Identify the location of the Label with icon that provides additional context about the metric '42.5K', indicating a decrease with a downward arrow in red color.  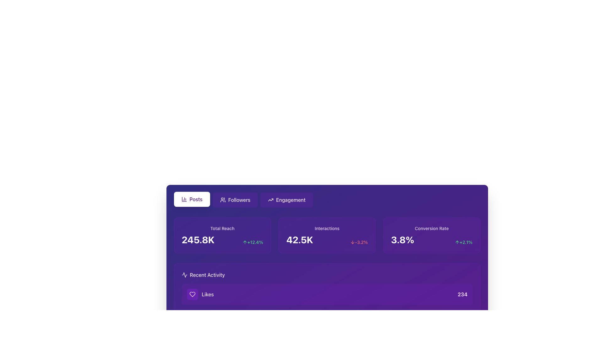
(359, 242).